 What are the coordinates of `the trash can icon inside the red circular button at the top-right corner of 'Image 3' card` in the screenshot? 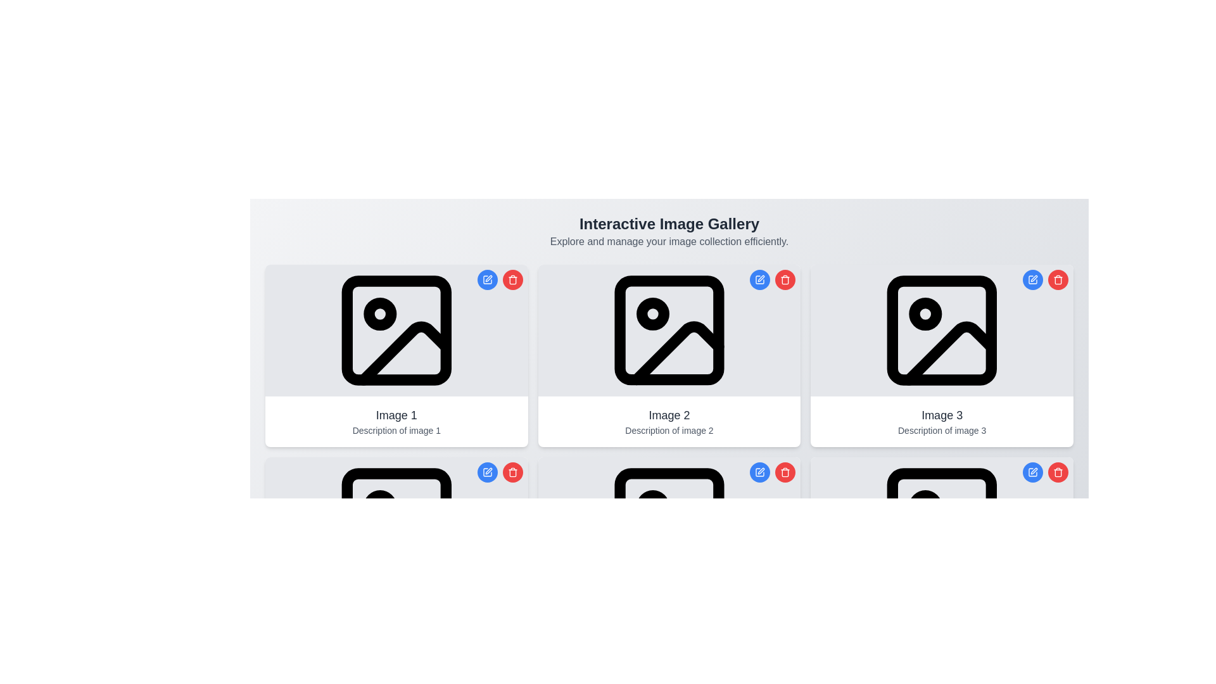 It's located at (1058, 279).